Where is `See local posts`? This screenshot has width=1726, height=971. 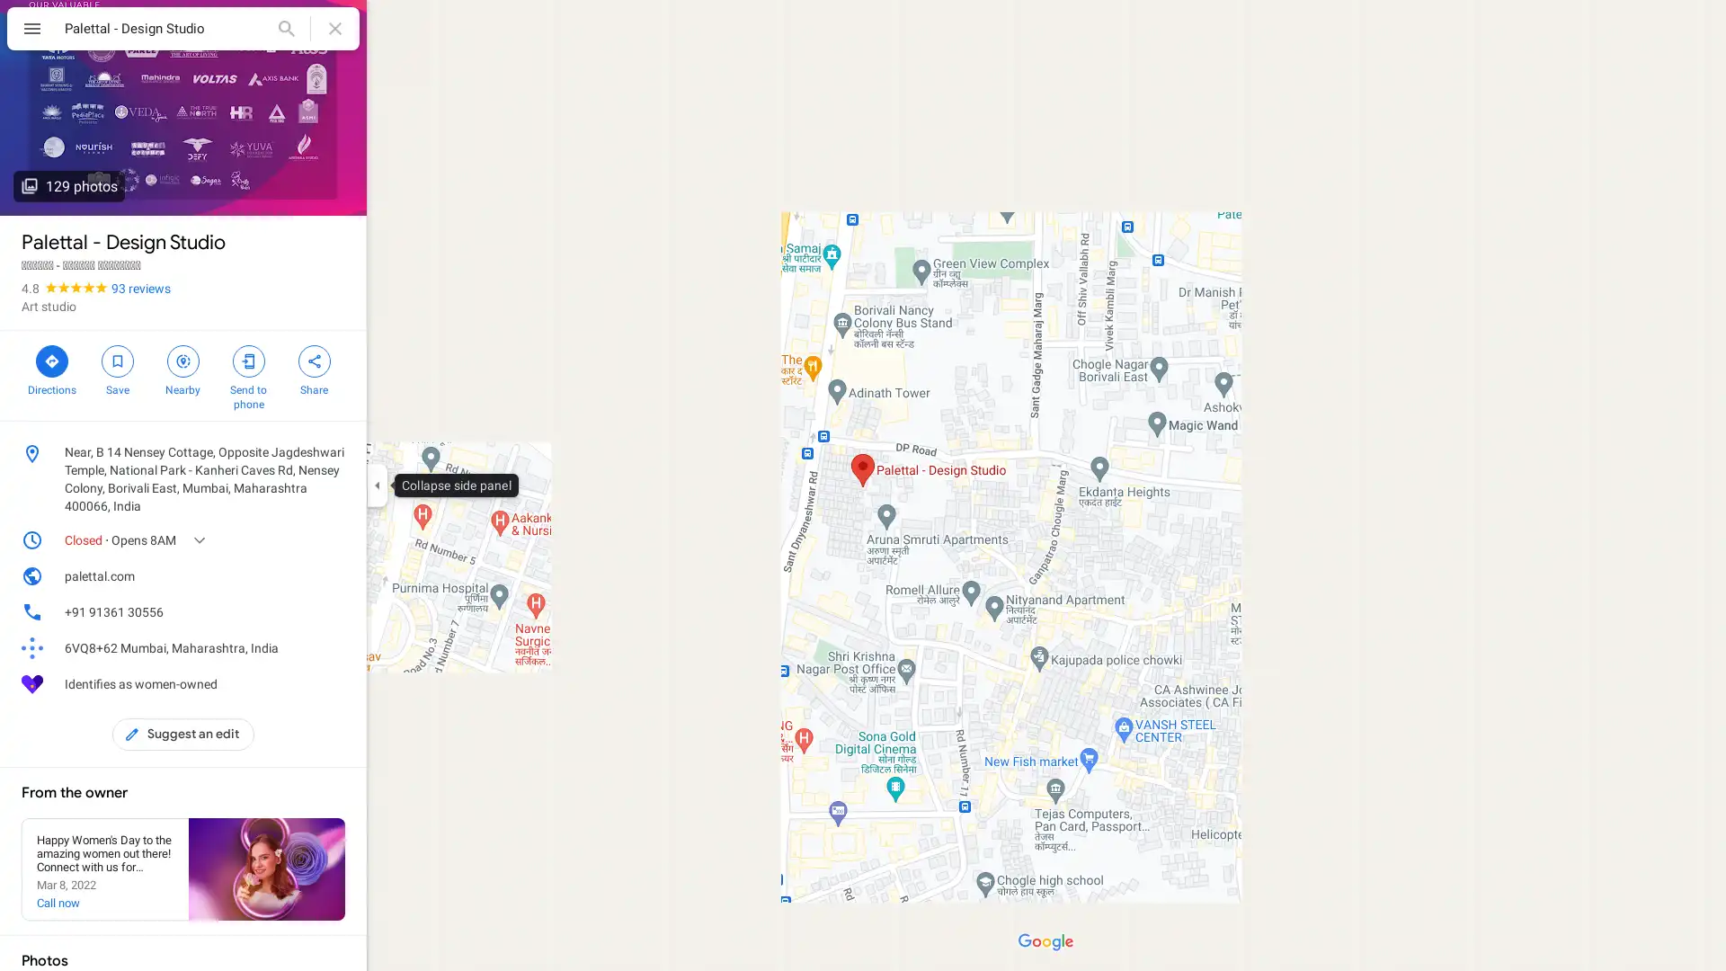
See local posts is located at coordinates (183, 869).